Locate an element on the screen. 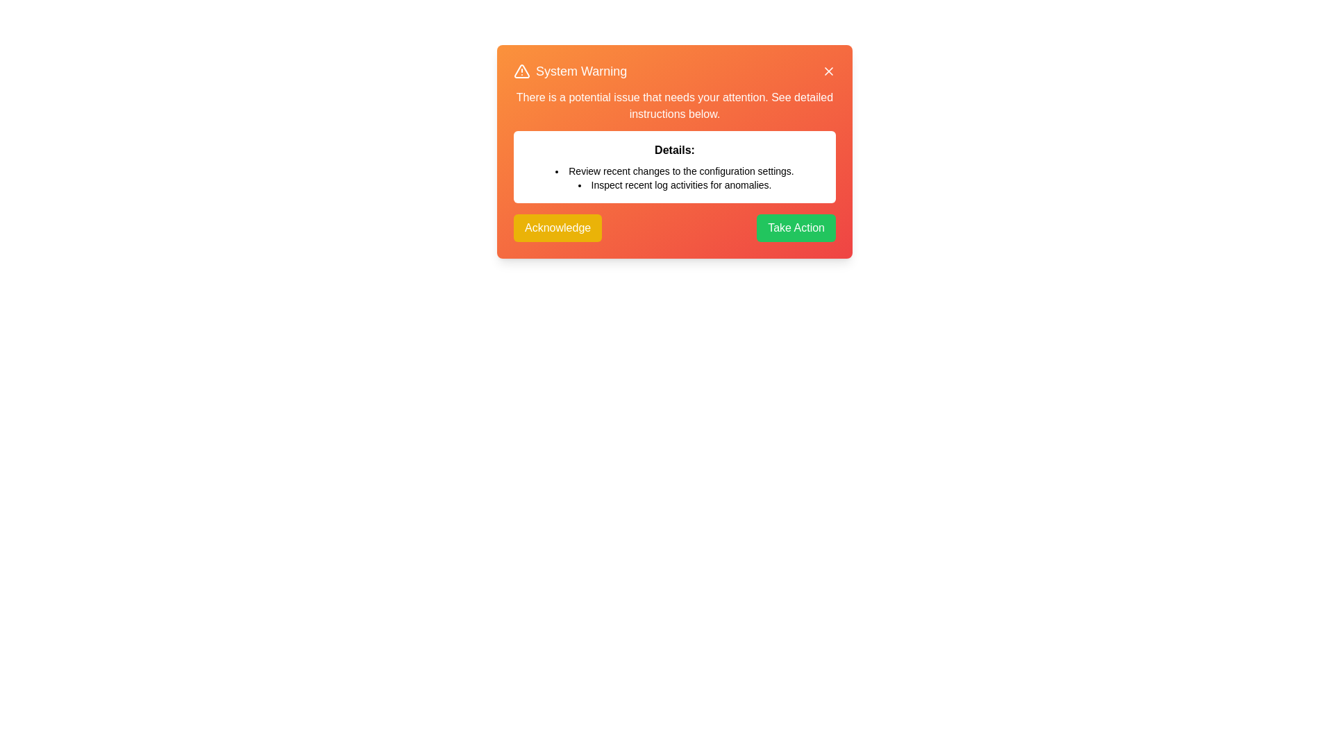  the 'System Warning' text label with the warning triangle icon located in the top-left corner of the orange dialog box header is located at coordinates (570, 71).